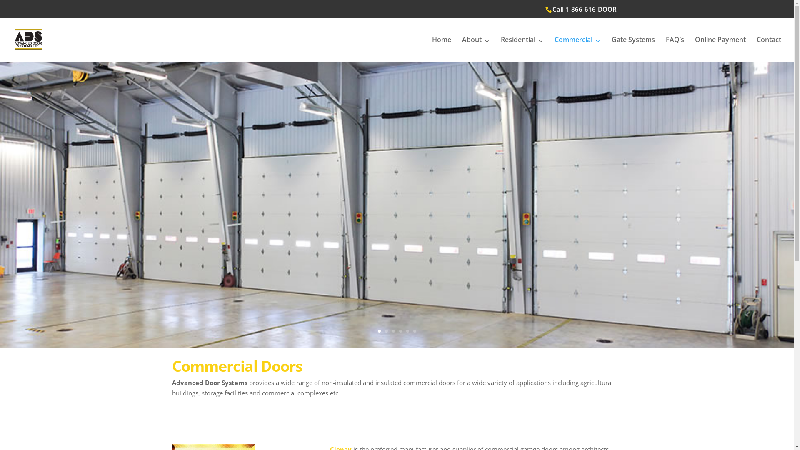 This screenshot has width=800, height=450. What do you see at coordinates (461, 49) in the screenshot?
I see `'About'` at bounding box center [461, 49].